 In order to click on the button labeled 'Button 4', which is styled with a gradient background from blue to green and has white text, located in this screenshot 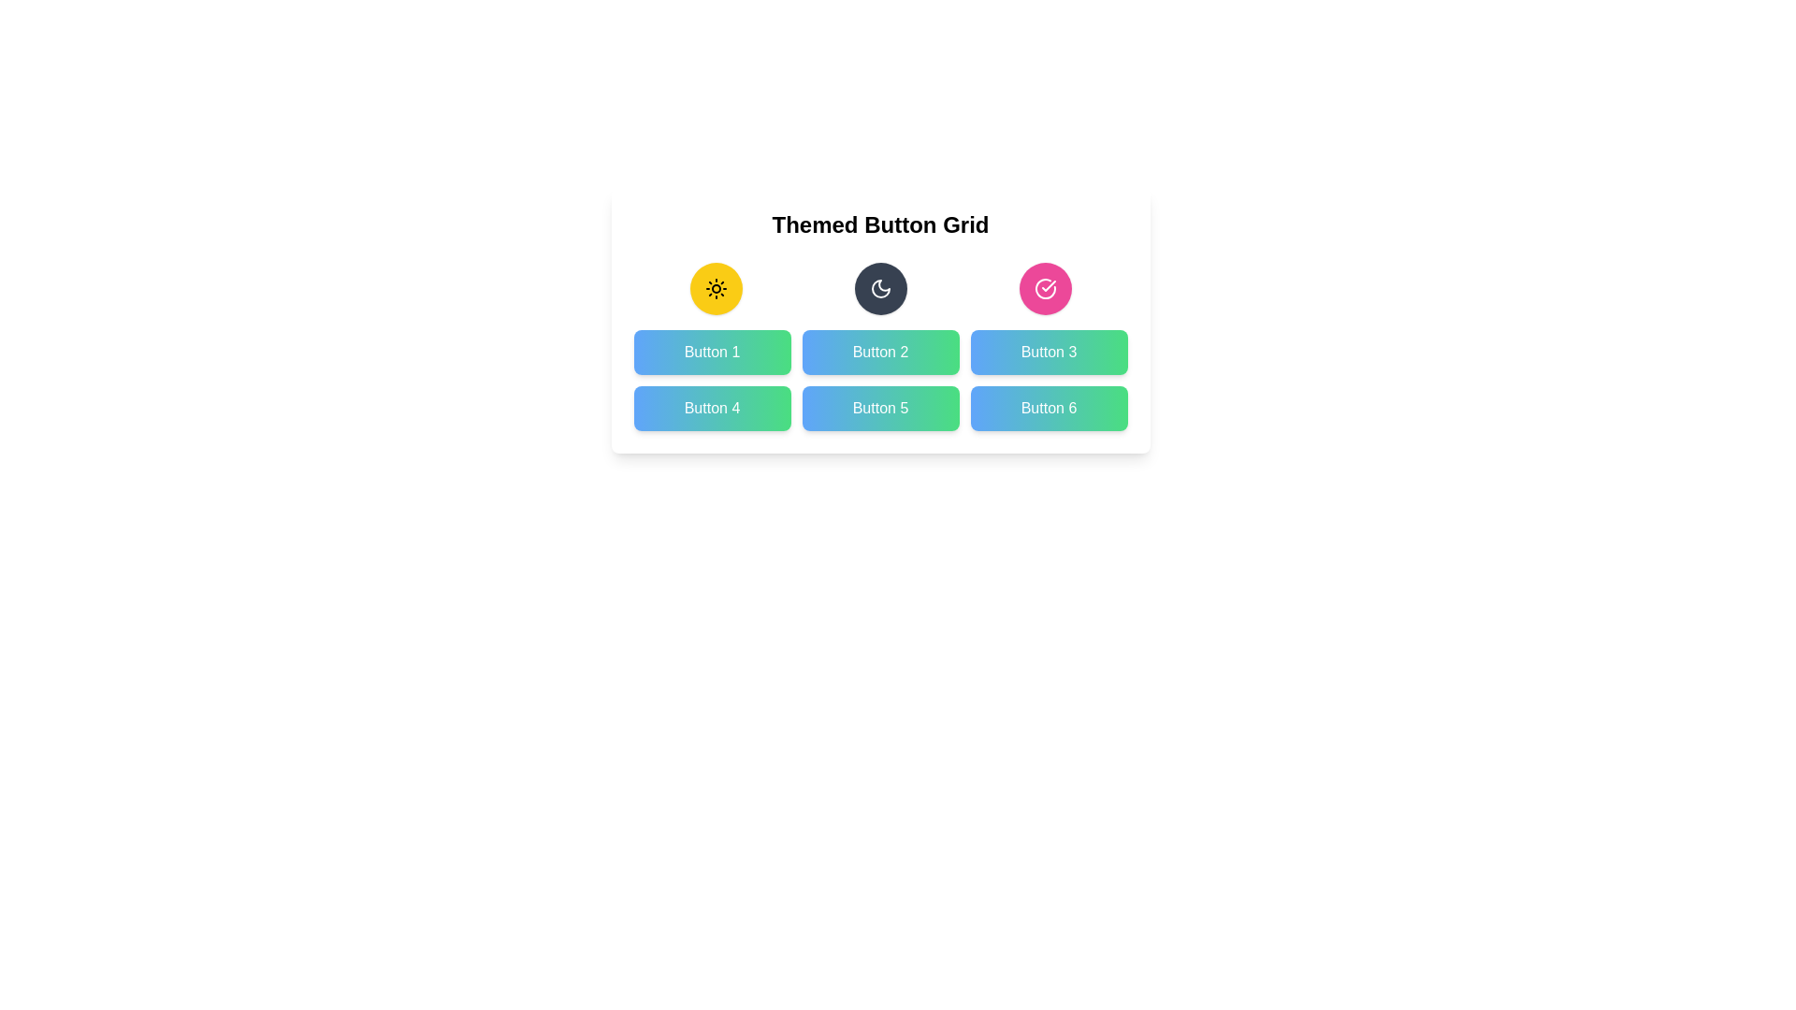, I will do `click(711, 407)`.